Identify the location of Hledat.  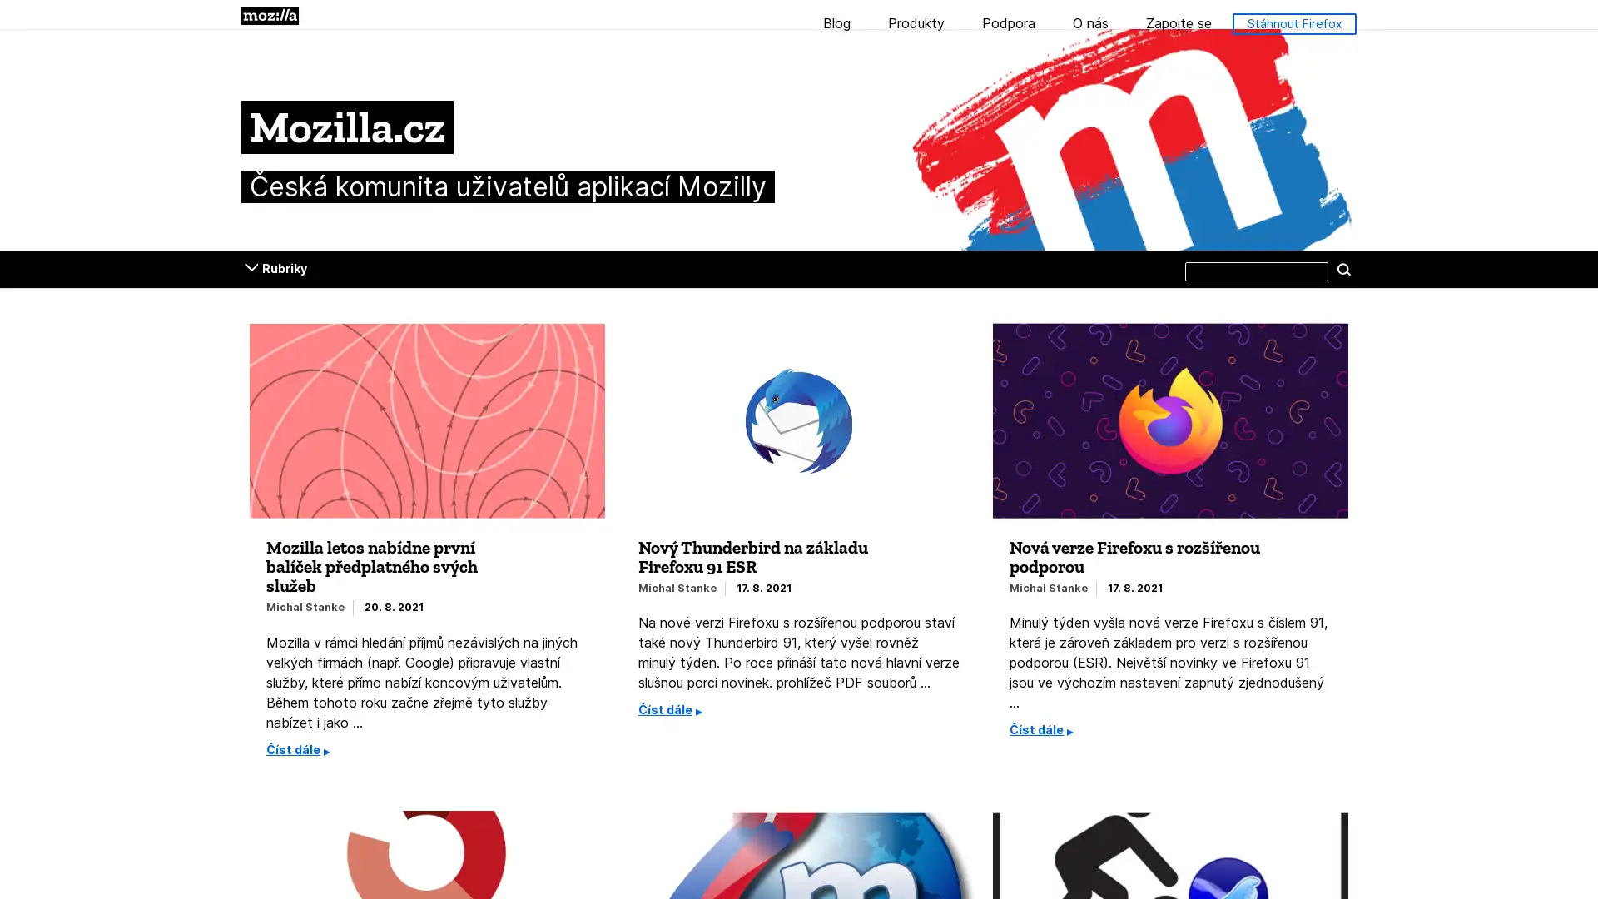
(1343, 268).